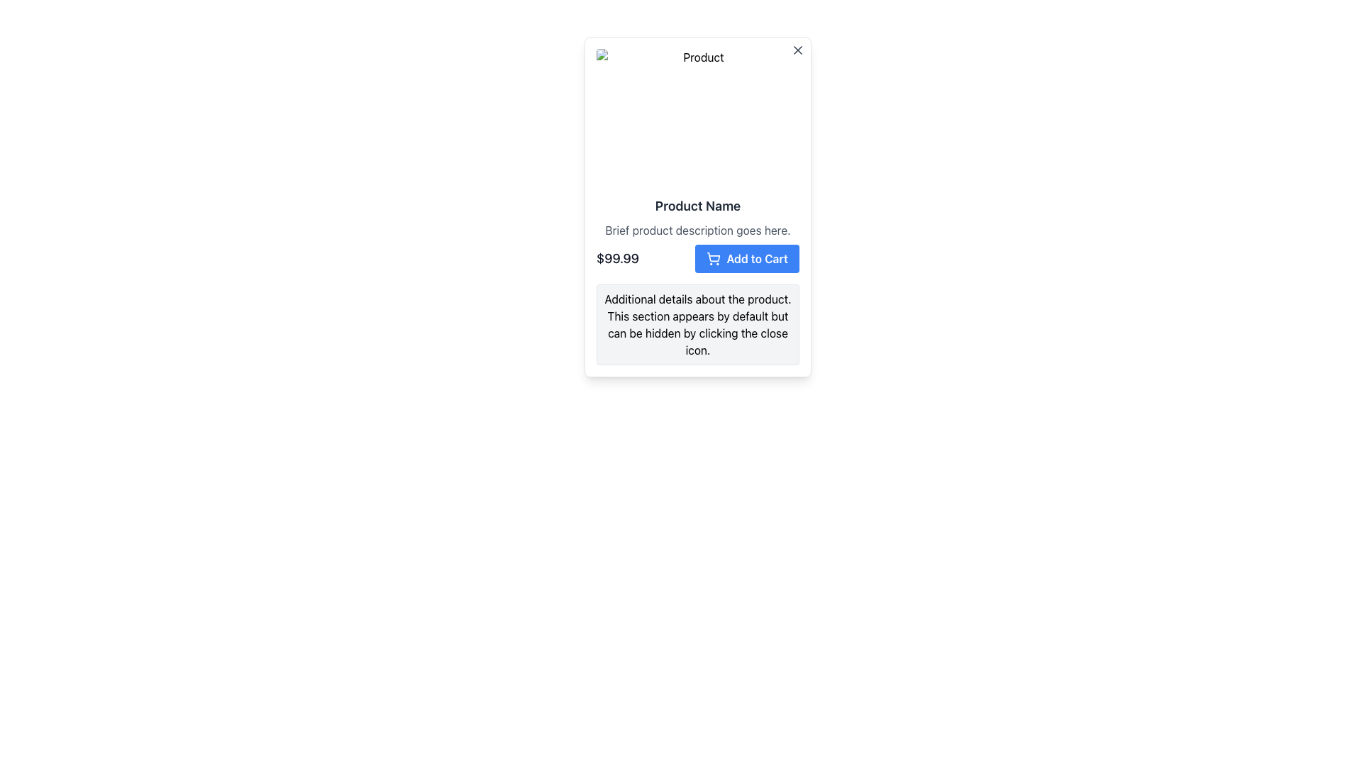 The height and width of the screenshot is (766, 1362). I want to click on text displayed in the bold, large font labeled '$99.99' located to the left of the 'Add to Cart' button in the lower section of the card layout, so click(617, 259).